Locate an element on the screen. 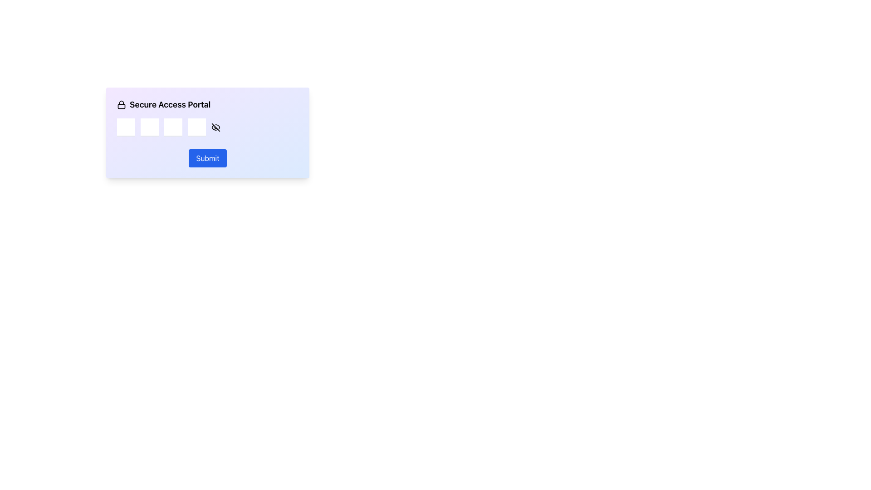 Image resolution: width=871 pixels, height=490 pixels. the eye-shaped icon located to the right of the text input fields in the 'Secure Access Portal' dialog is located at coordinates (207, 127).